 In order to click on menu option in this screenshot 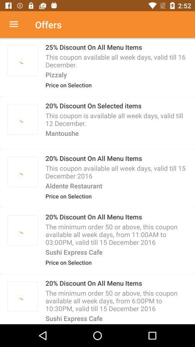, I will do `click(17, 25)`.